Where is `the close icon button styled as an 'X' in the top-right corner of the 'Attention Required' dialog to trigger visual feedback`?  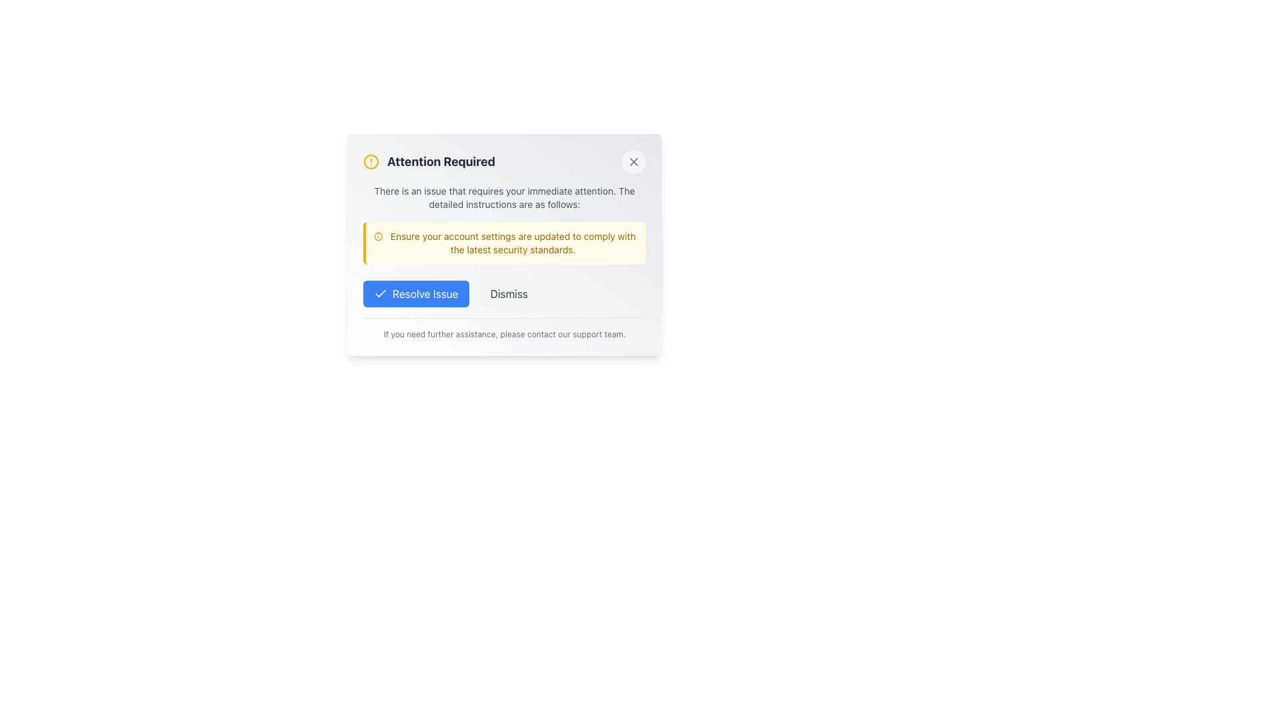
the close icon button styled as an 'X' in the top-right corner of the 'Attention Required' dialog to trigger visual feedback is located at coordinates (633, 161).